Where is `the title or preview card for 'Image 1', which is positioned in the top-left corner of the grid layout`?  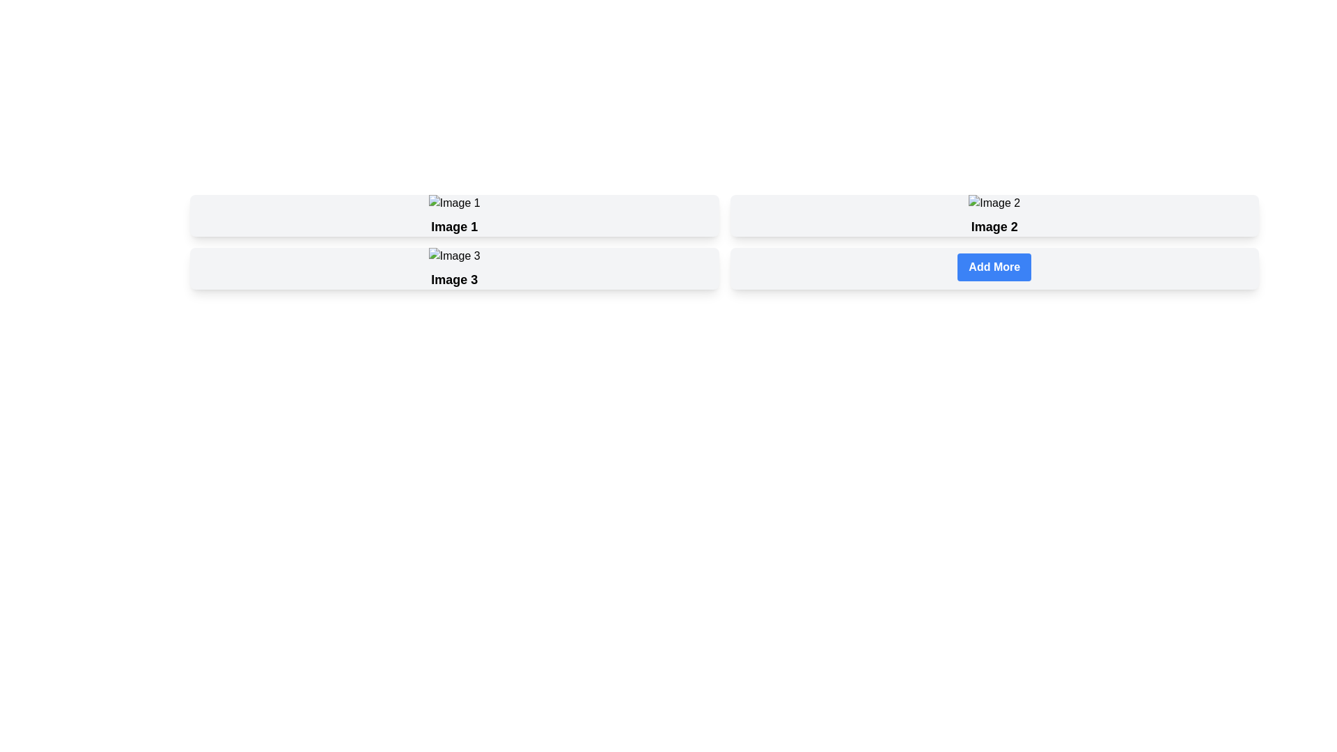
the title or preview card for 'Image 1', which is positioned in the top-left corner of the grid layout is located at coordinates (454, 215).